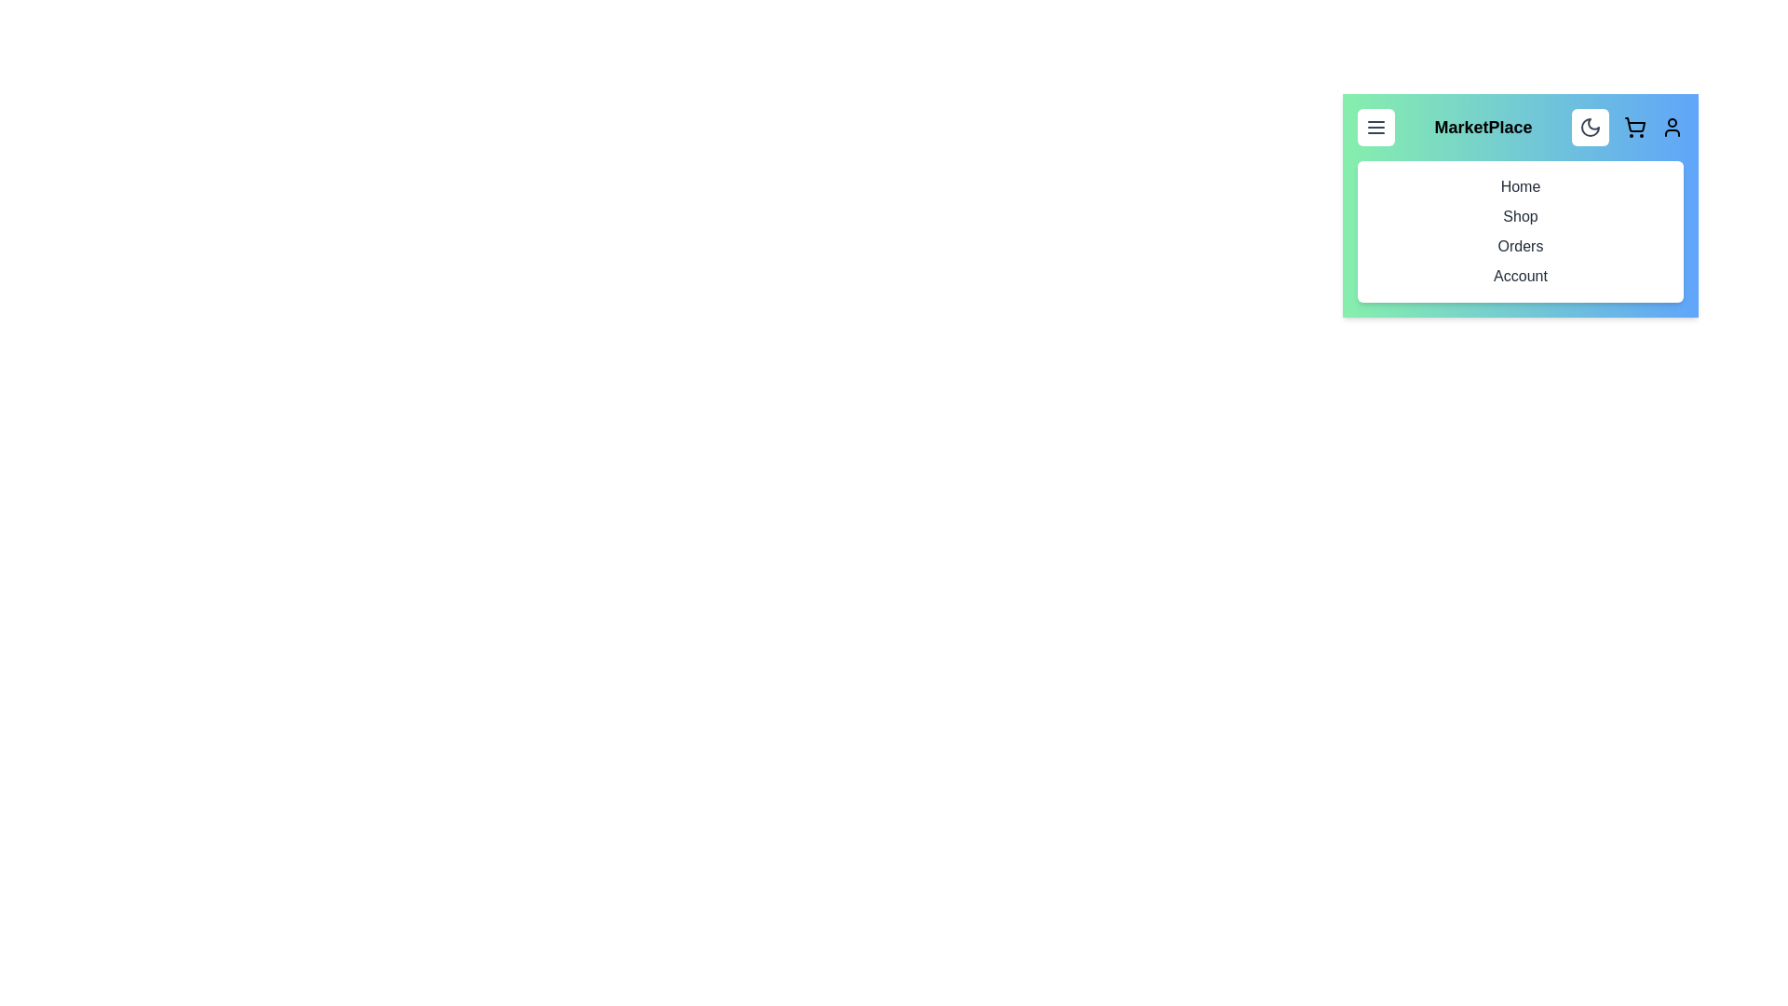  I want to click on theme toggle button to change the theme, so click(1590, 127).